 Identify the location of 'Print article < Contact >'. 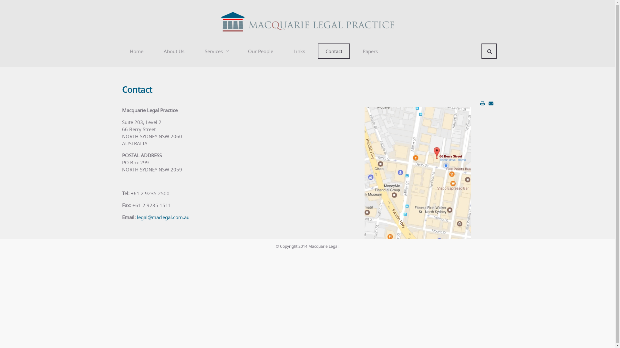
(482, 103).